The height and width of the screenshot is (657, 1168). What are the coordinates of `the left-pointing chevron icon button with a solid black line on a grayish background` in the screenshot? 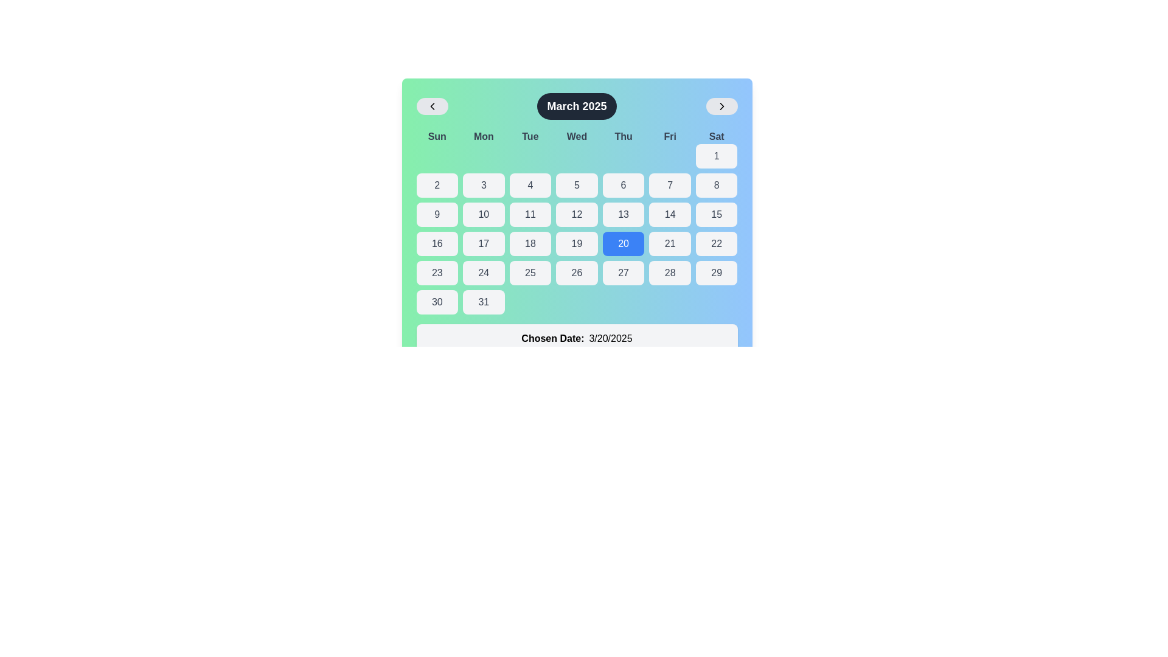 It's located at (432, 105).